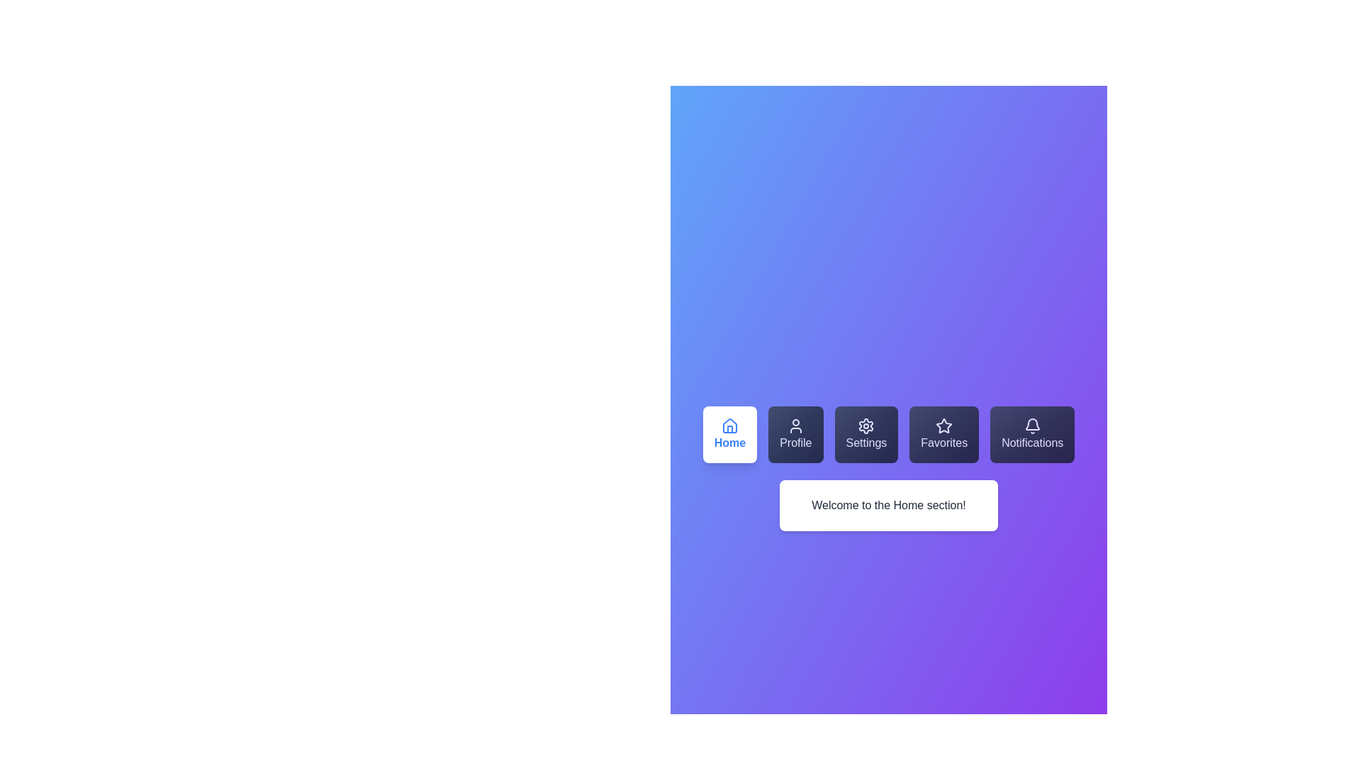 The height and width of the screenshot is (766, 1361). What do you see at coordinates (944, 434) in the screenshot?
I see `the 'Favorites' button located in the horizontal navigation bar to enable keyboard navigation` at bounding box center [944, 434].